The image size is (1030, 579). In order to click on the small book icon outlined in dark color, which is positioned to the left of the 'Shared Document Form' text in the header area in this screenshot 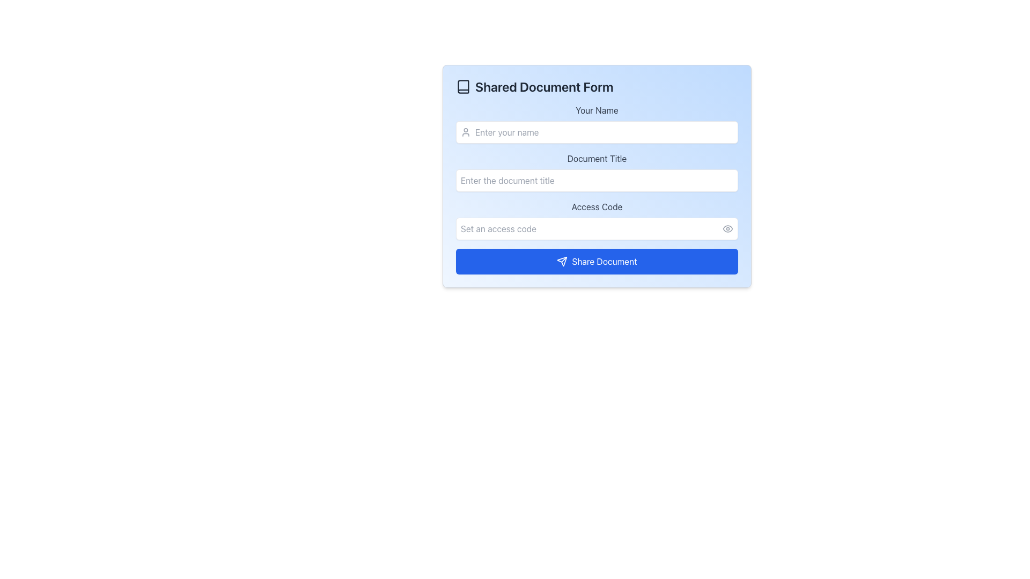, I will do `click(464, 86)`.